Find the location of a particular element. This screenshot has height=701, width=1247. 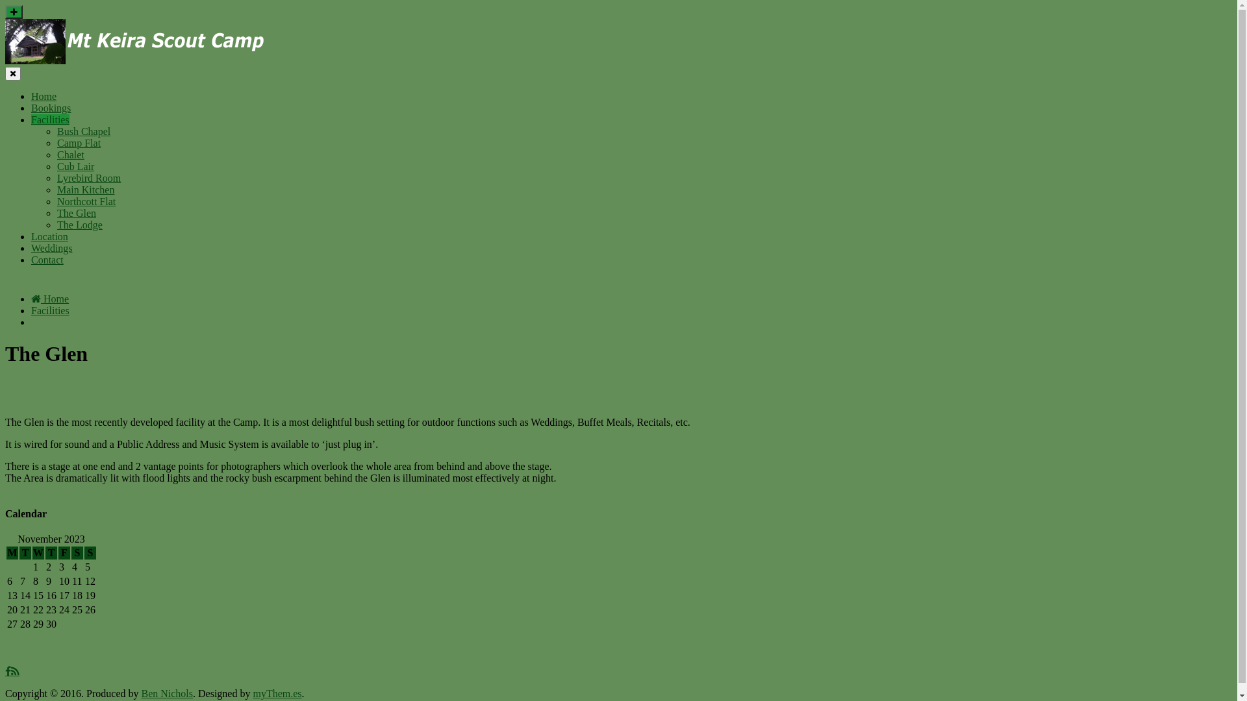

'The Lodge' is located at coordinates (56, 224).